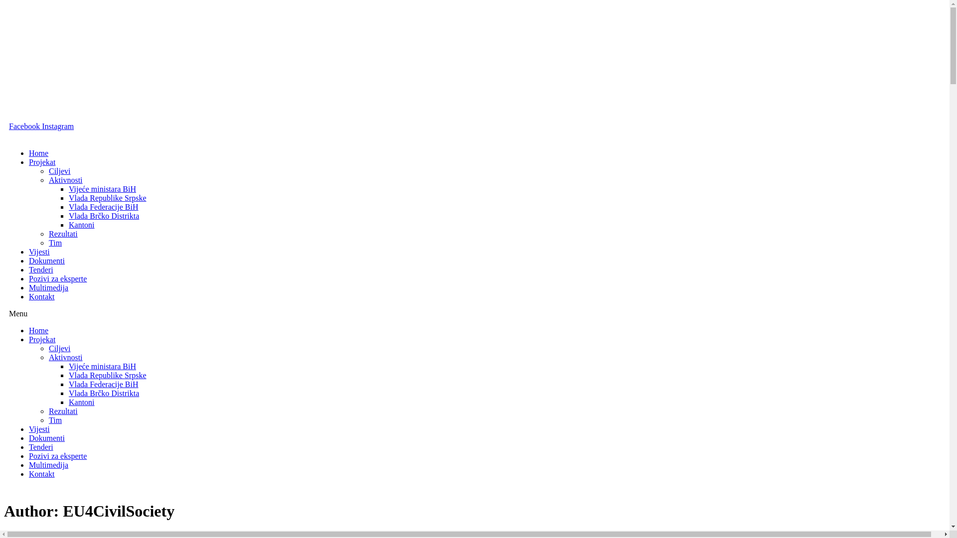  Describe the element at coordinates (41, 126) in the screenshot. I see `'Instagram'` at that location.